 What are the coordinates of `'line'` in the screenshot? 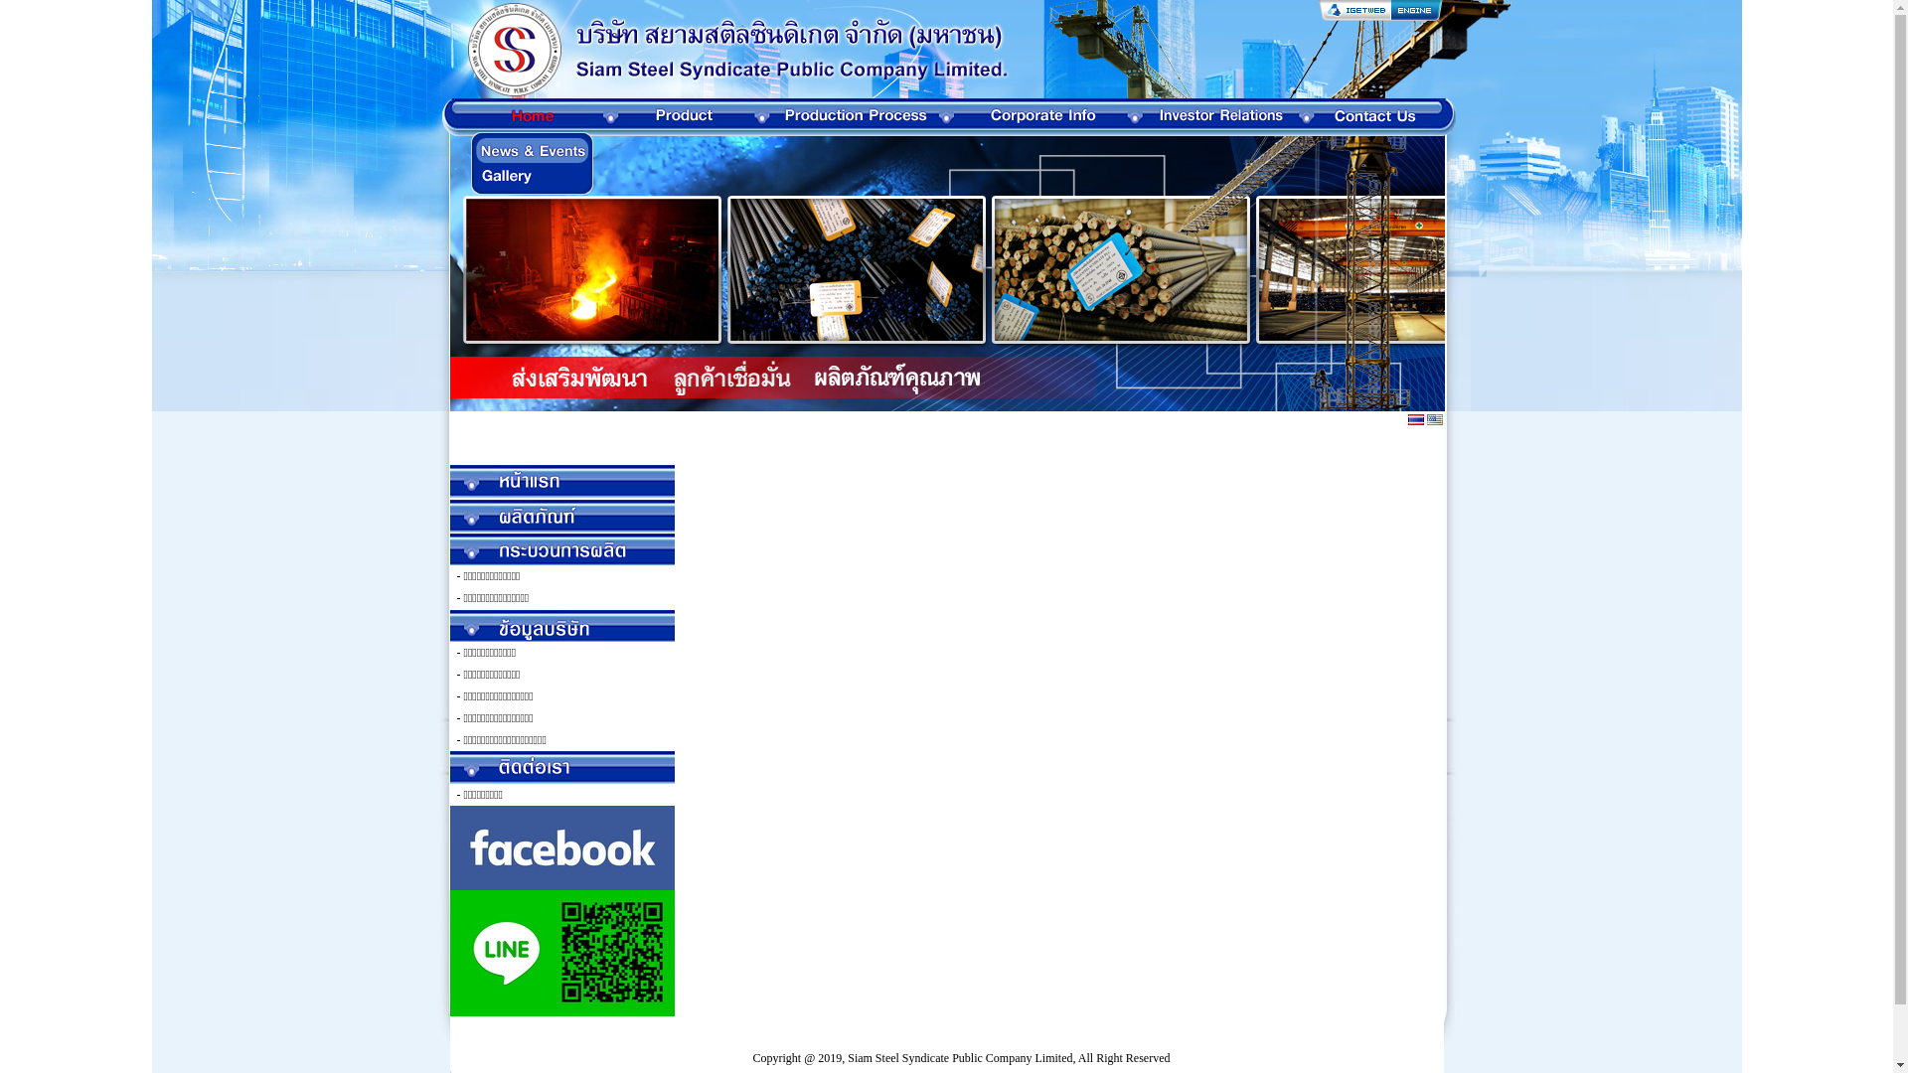 It's located at (560, 952).